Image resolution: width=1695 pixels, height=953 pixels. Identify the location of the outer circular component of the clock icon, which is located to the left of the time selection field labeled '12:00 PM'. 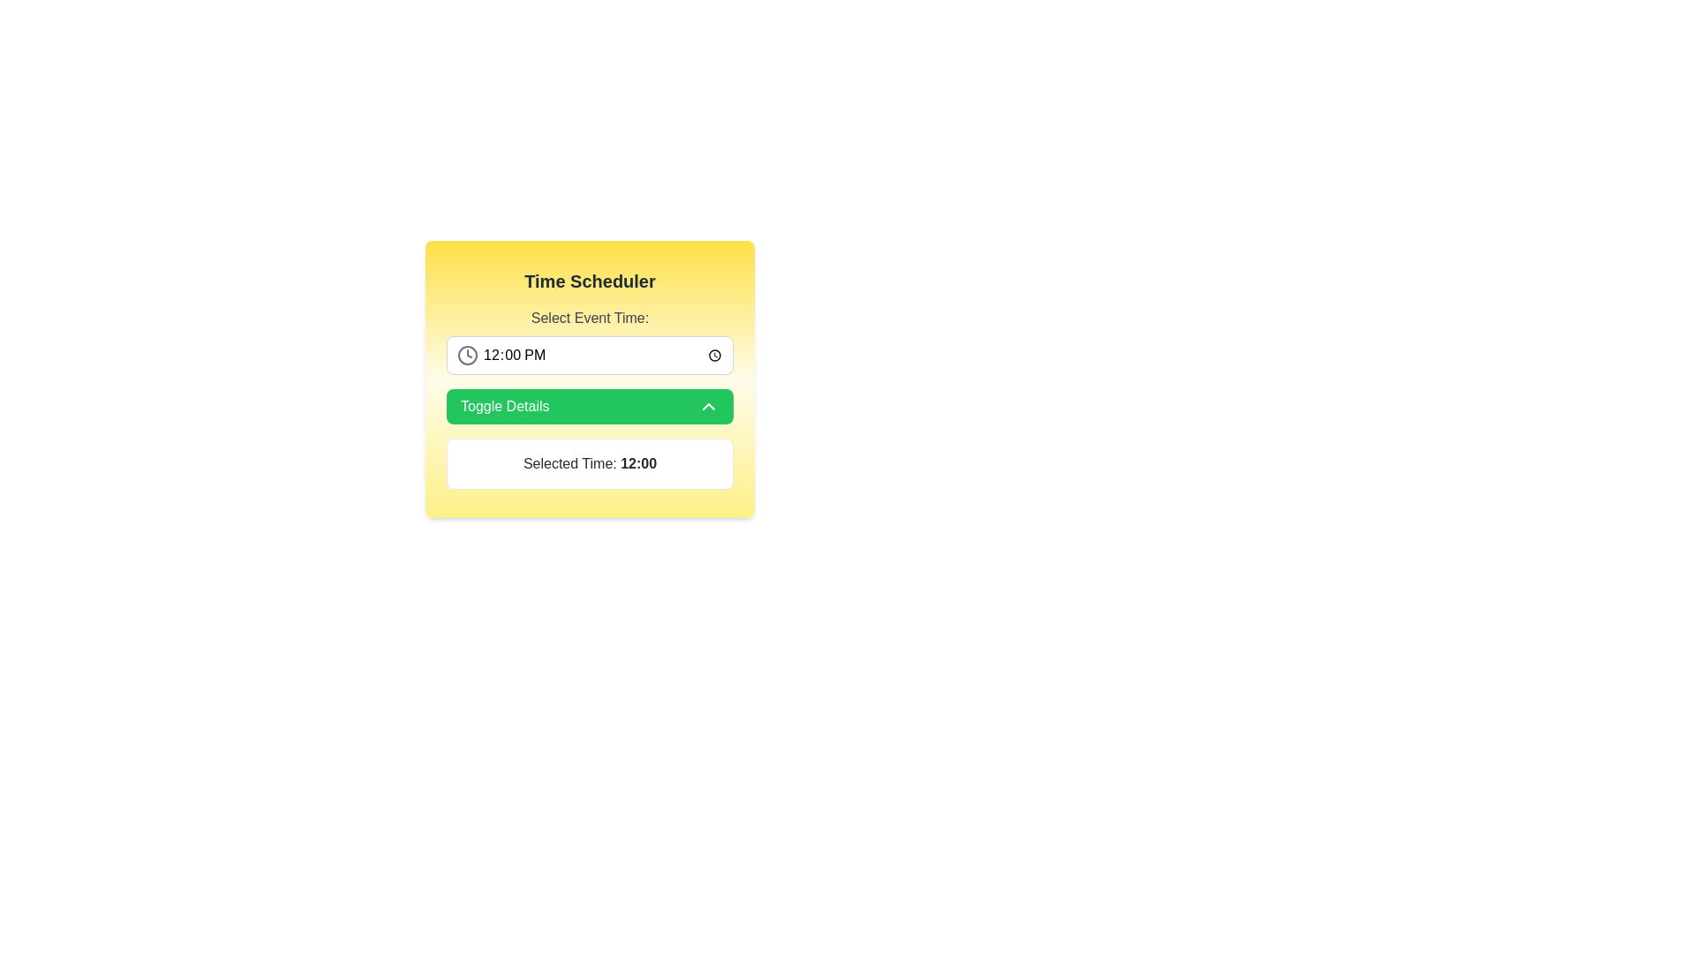
(467, 355).